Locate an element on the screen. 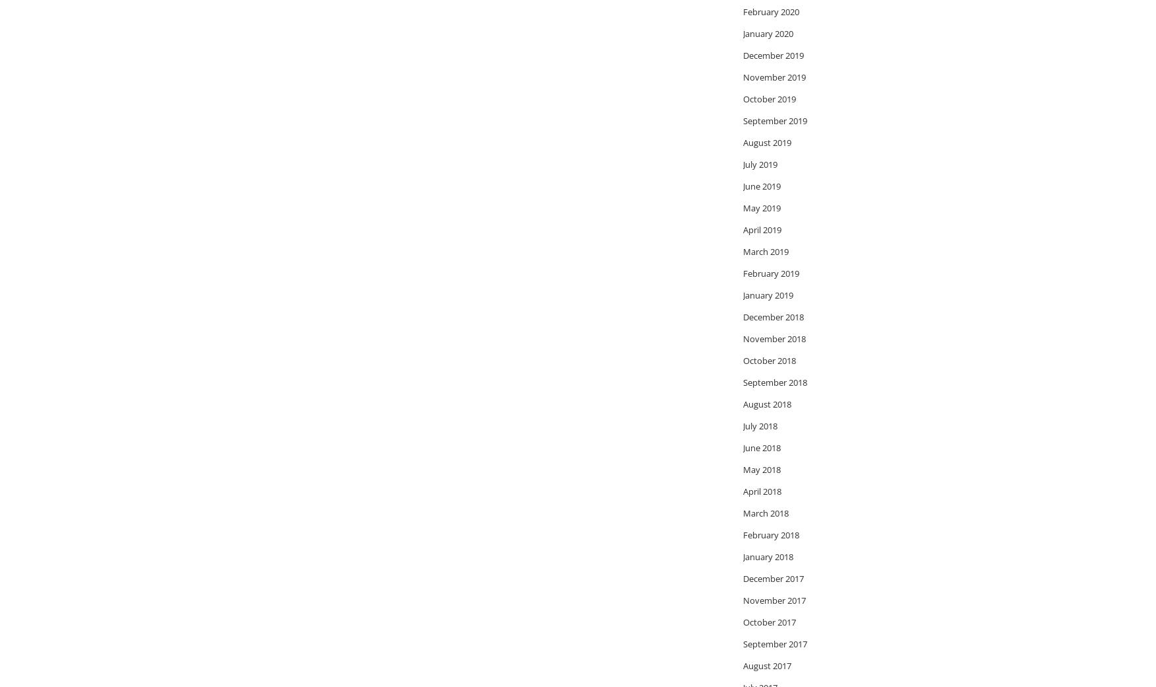 The image size is (1156, 687). 'October 2017' is located at coordinates (743, 621).